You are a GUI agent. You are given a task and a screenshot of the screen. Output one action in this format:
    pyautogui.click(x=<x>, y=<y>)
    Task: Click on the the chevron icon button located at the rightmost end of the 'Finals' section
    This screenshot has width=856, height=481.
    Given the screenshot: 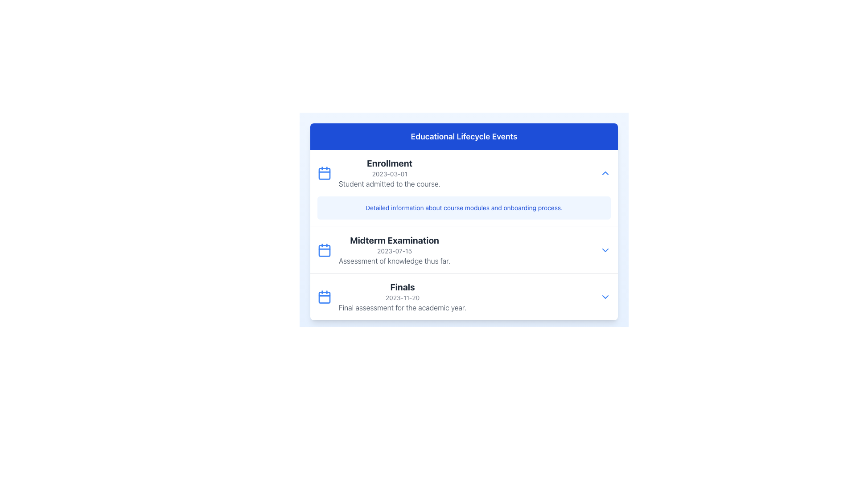 What is the action you would take?
    pyautogui.click(x=605, y=297)
    